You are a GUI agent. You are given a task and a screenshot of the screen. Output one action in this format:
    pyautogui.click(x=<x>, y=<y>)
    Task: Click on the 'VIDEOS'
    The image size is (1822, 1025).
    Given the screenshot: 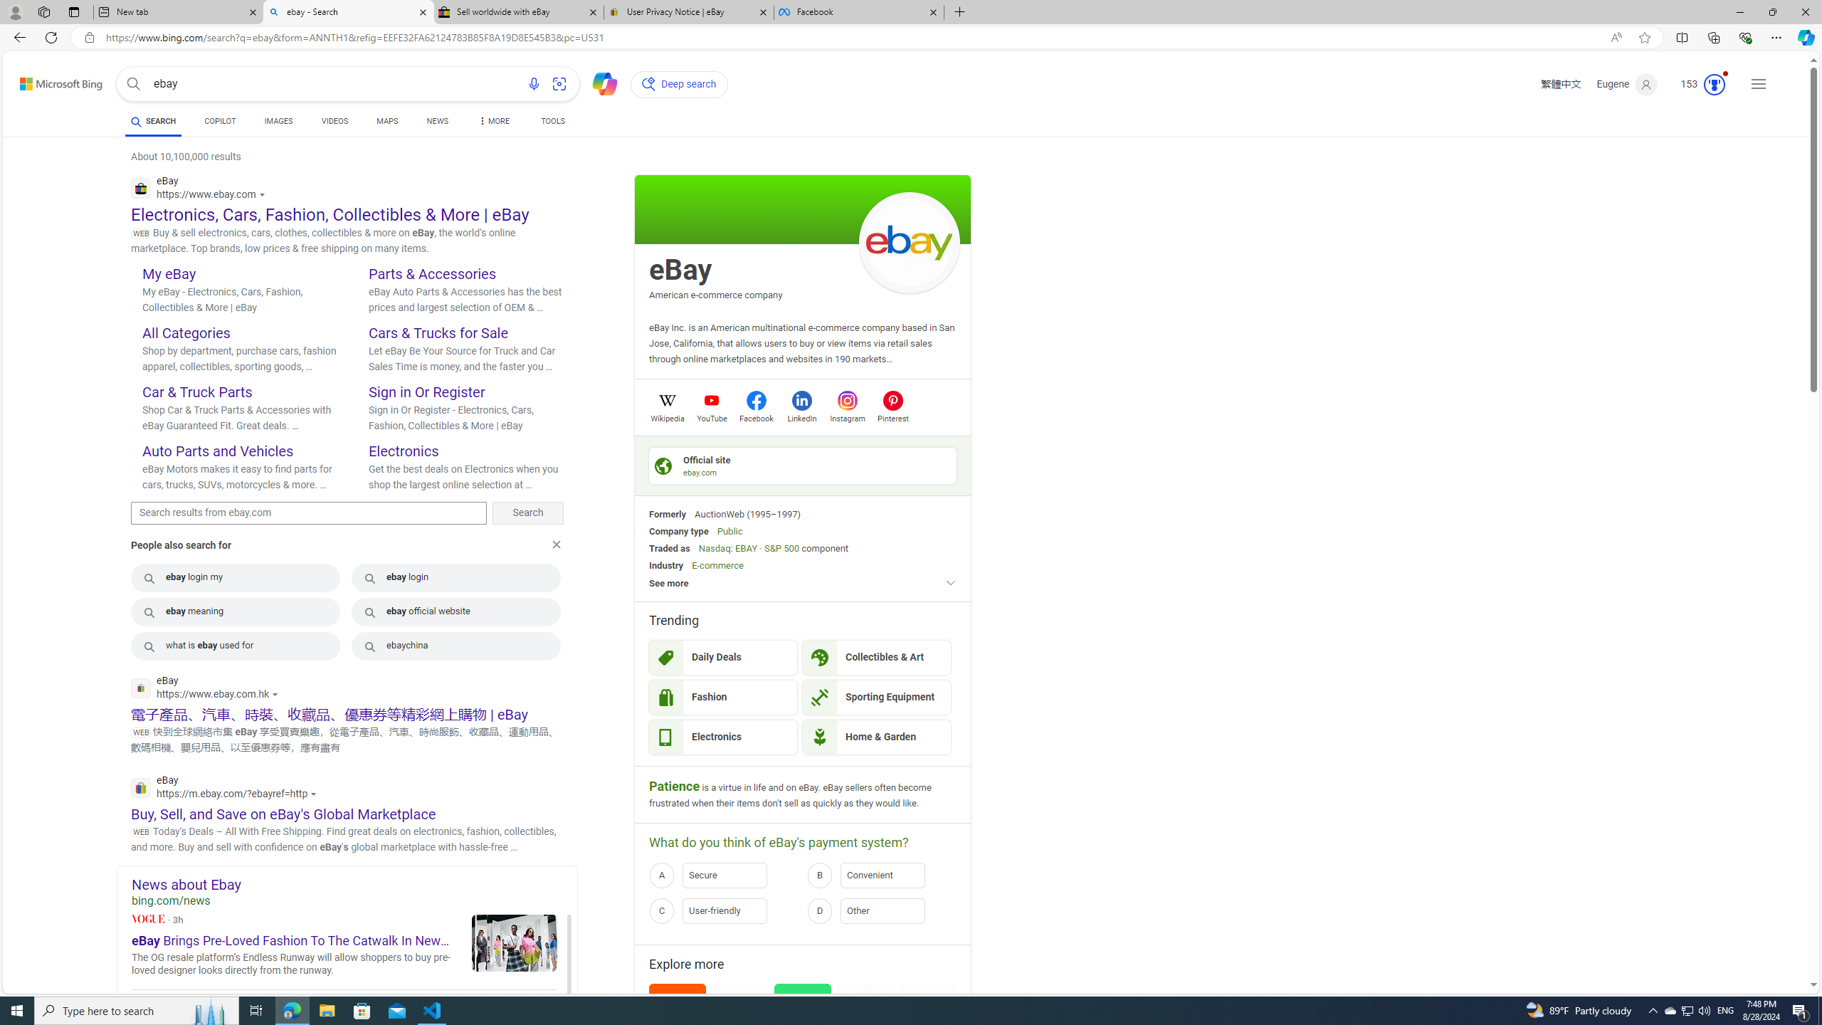 What is the action you would take?
    pyautogui.click(x=335, y=122)
    